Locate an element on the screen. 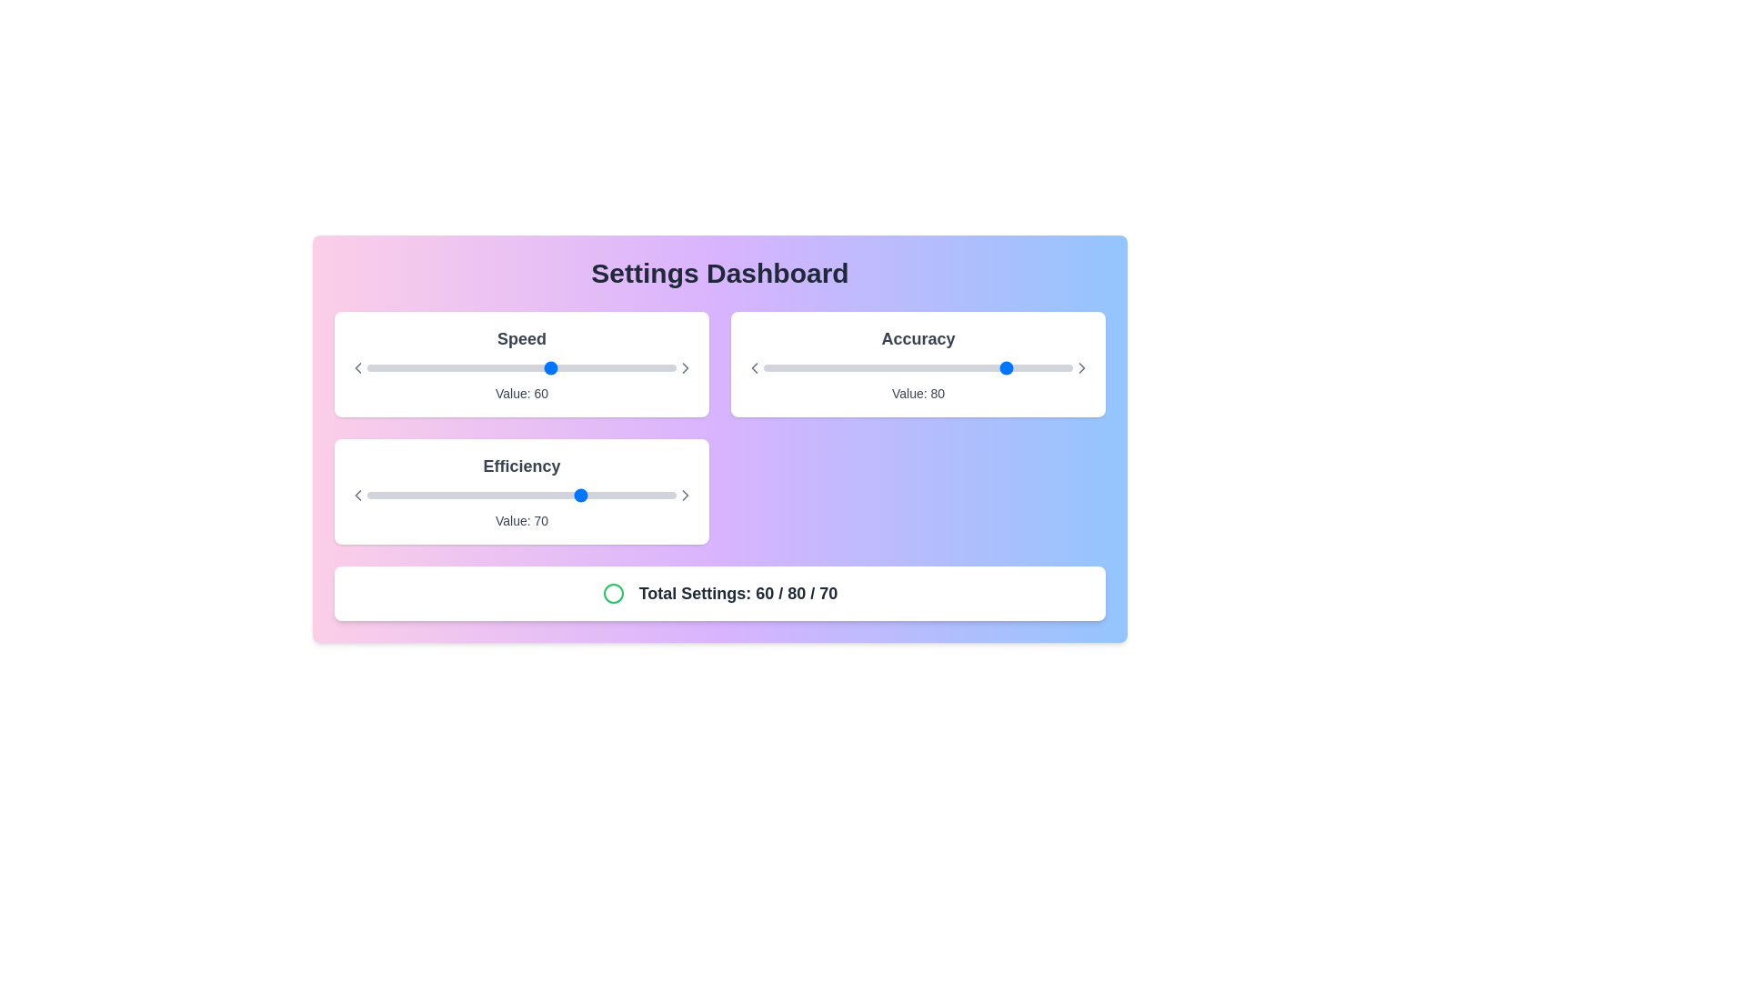 The image size is (1746, 982). efficiency is located at coordinates (627, 495).